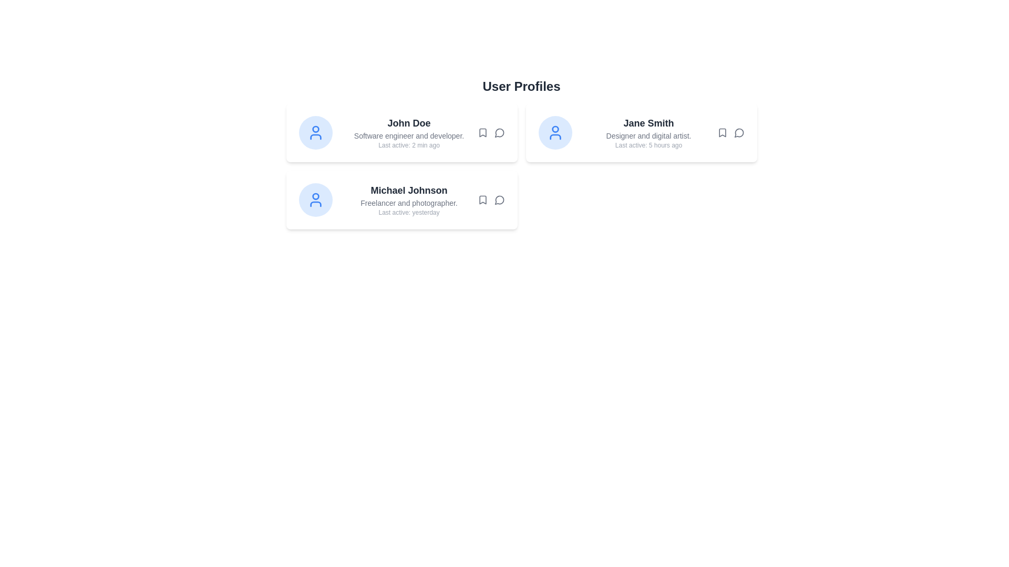 This screenshot has height=567, width=1009. I want to click on the bookmark icon located in the user profile card for 'John Doe', so click(482, 132).